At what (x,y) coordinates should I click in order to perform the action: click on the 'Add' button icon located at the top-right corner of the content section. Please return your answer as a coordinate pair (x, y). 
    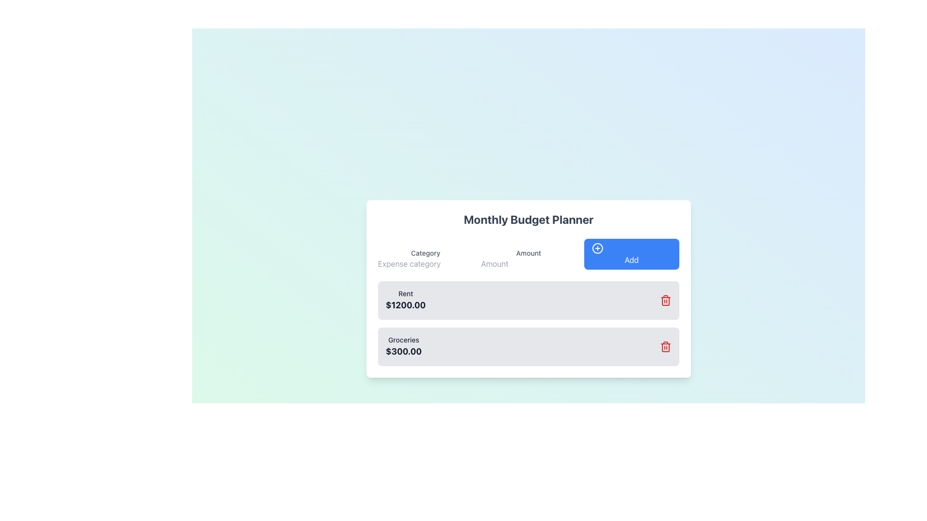
    Looking at the image, I should click on (597, 248).